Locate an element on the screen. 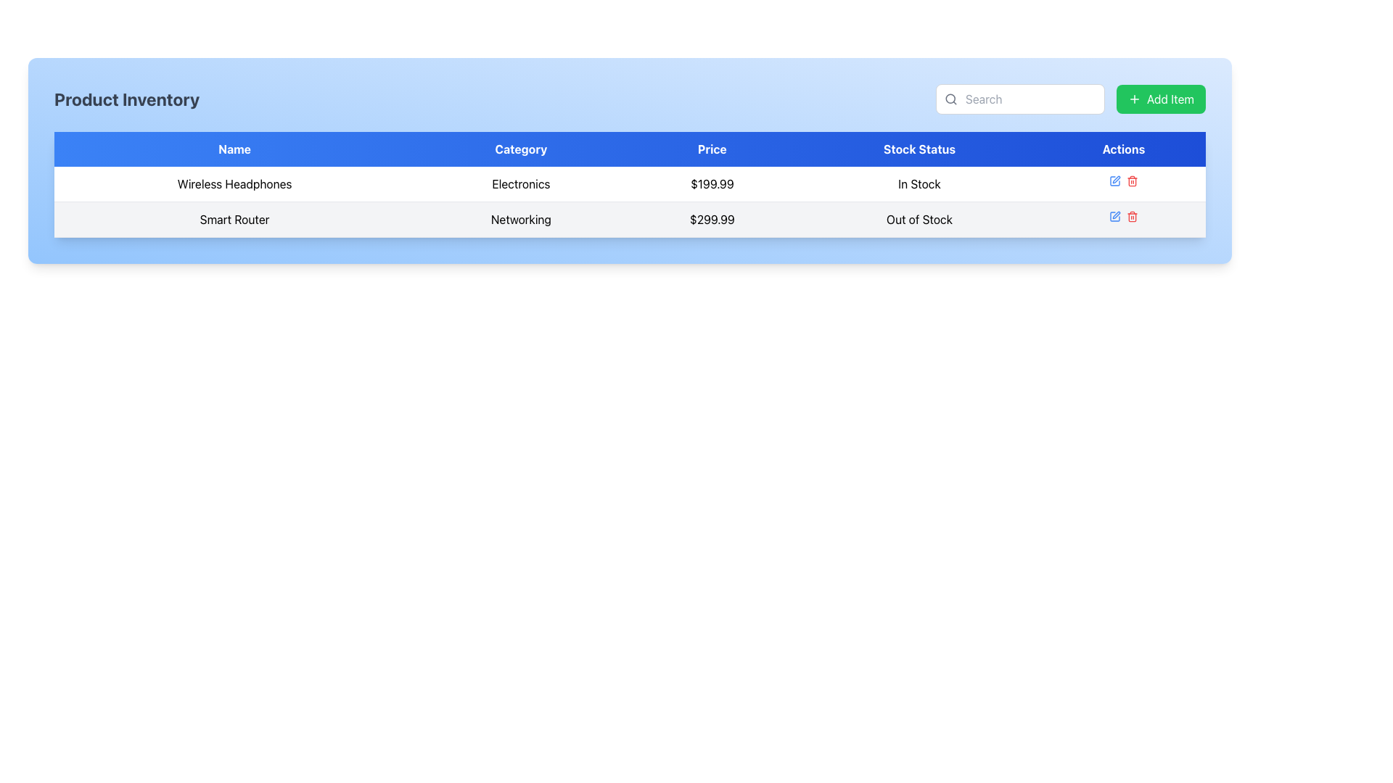  the static text label 'Actions' which is styled with a blue background and centered white text, located at the far-right of the header row in the table is located at coordinates (1122, 149).